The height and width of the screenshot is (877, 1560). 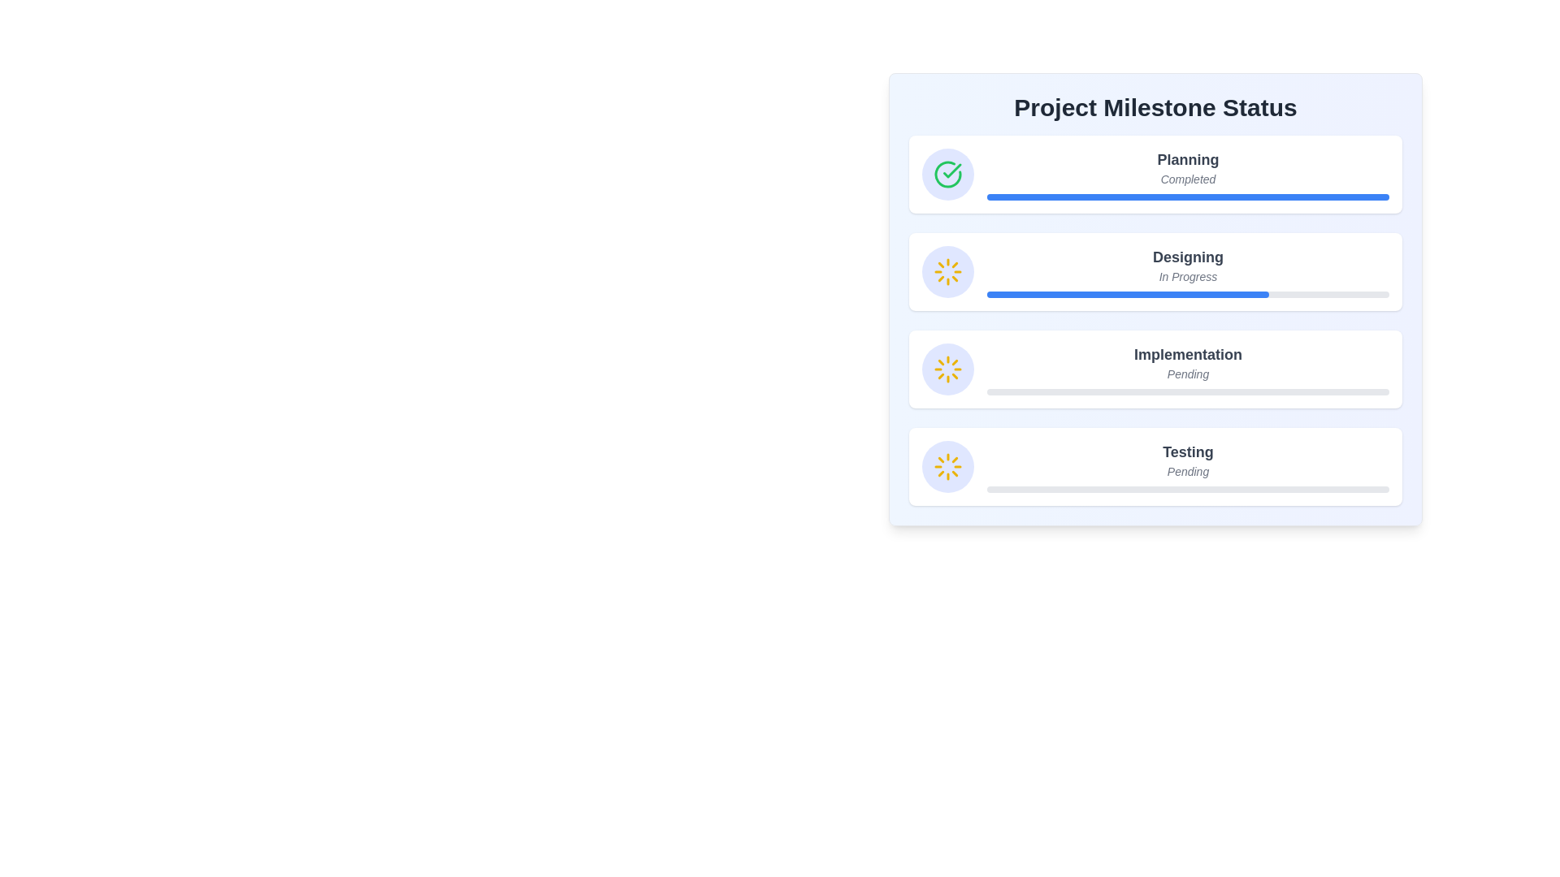 I want to click on the Circular status indicator with an animated loader icon to interact with the 'Designing In Progress' milestone card, so click(x=947, y=271).